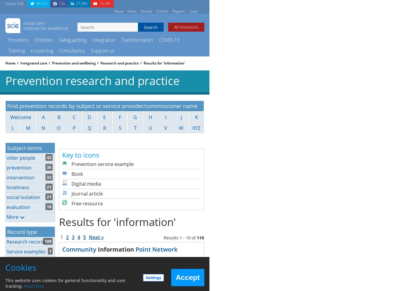 The width and height of the screenshot is (406, 291). Describe the element at coordinates (58, 128) in the screenshot. I see `'O'` at that location.